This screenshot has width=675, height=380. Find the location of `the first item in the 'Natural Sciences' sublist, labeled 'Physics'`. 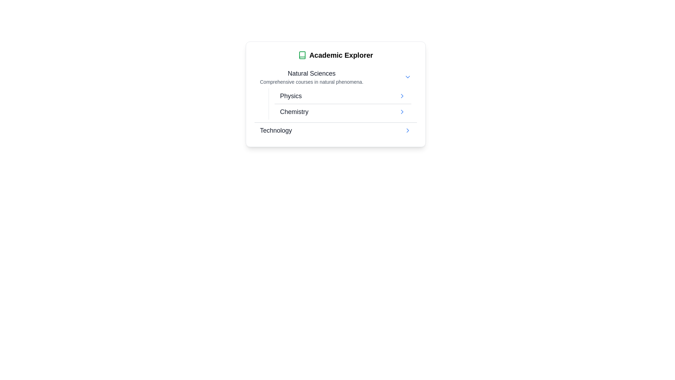

the first item in the 'Natural Sciences' sublist, labeled 'Physics' is located at coordinates (335, 94).